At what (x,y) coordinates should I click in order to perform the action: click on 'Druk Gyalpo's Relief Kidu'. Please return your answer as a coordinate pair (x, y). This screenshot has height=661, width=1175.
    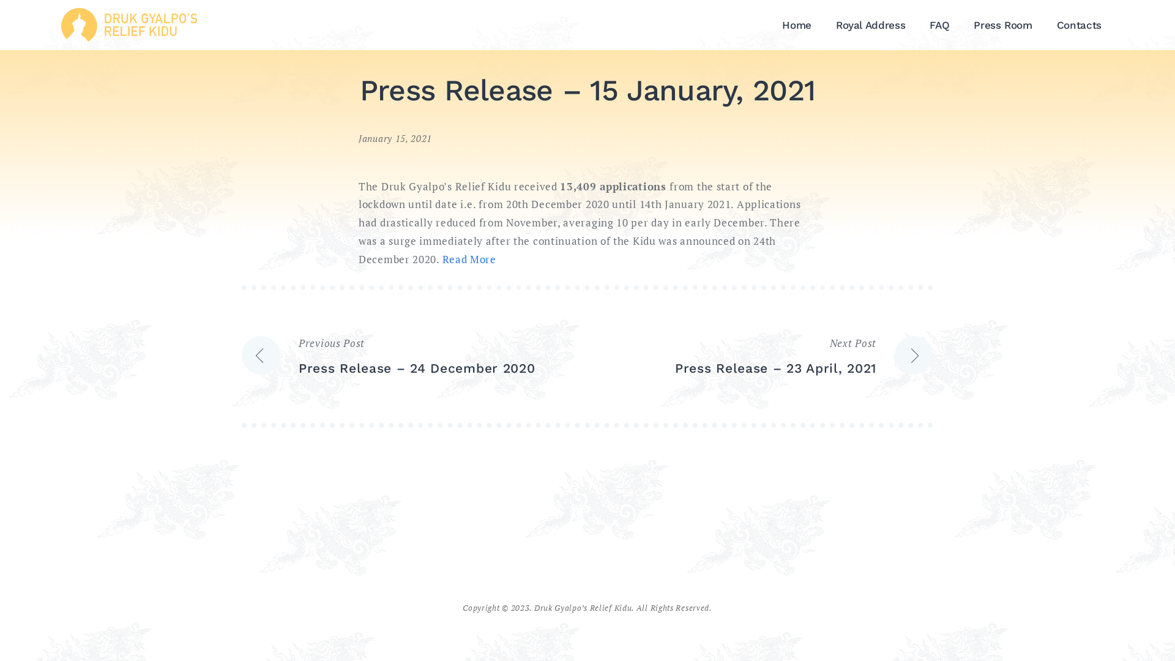
    Looking at the image, I should click on (124, 27).